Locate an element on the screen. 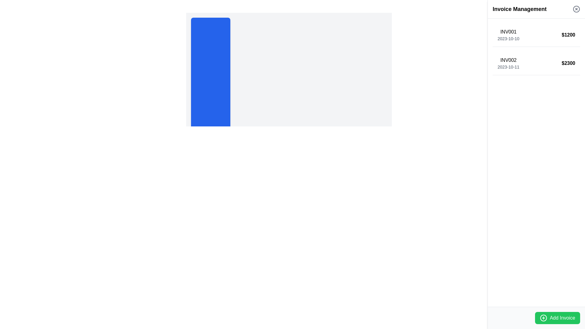  the text label displaying 'INV001' with the date '2023-10-10' in the right sidebar under the 'Invoice Management' heading is located at coordinates (508, 35).